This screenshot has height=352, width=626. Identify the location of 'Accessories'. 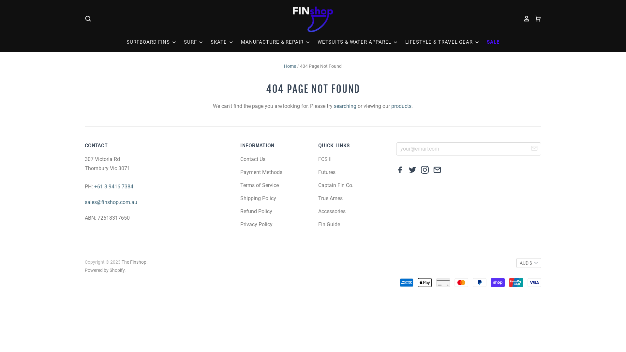
(332, 211).